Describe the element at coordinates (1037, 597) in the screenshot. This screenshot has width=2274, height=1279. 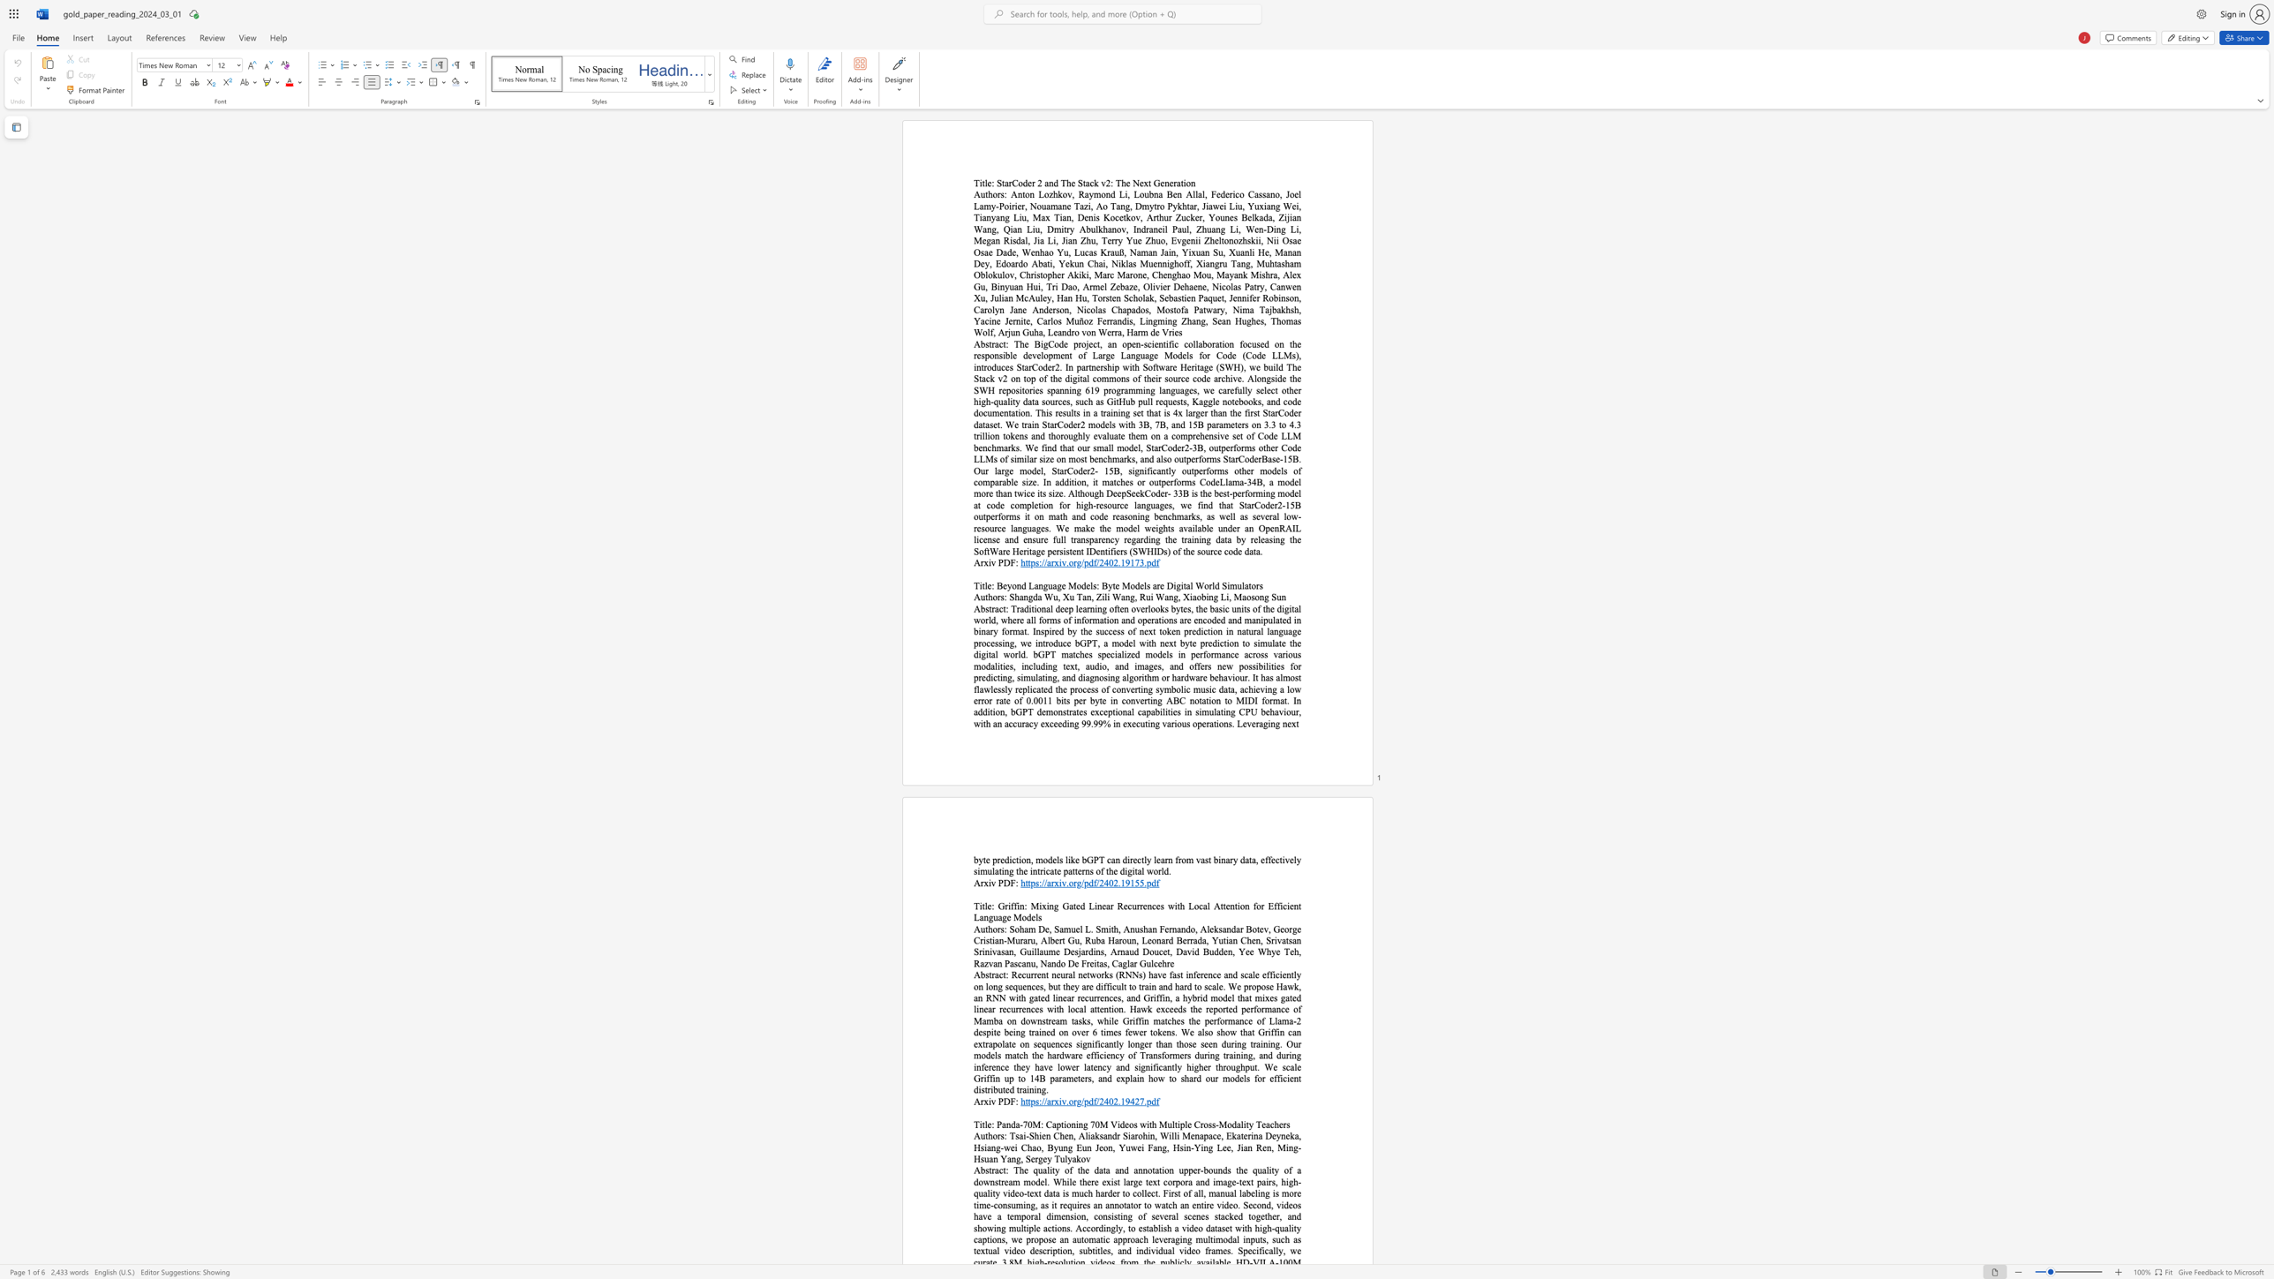
I see `the subset text "a Wu," within the text "Shangda Wu,"` at that location.